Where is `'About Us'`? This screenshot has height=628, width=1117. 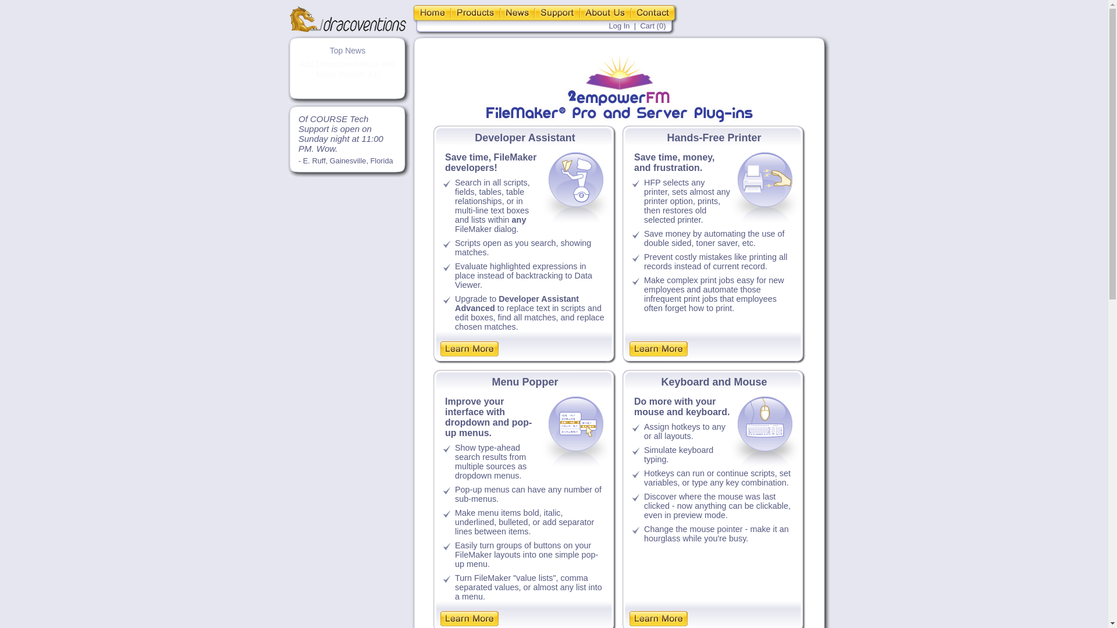
'About Us' is located at coordinates (605, 12).